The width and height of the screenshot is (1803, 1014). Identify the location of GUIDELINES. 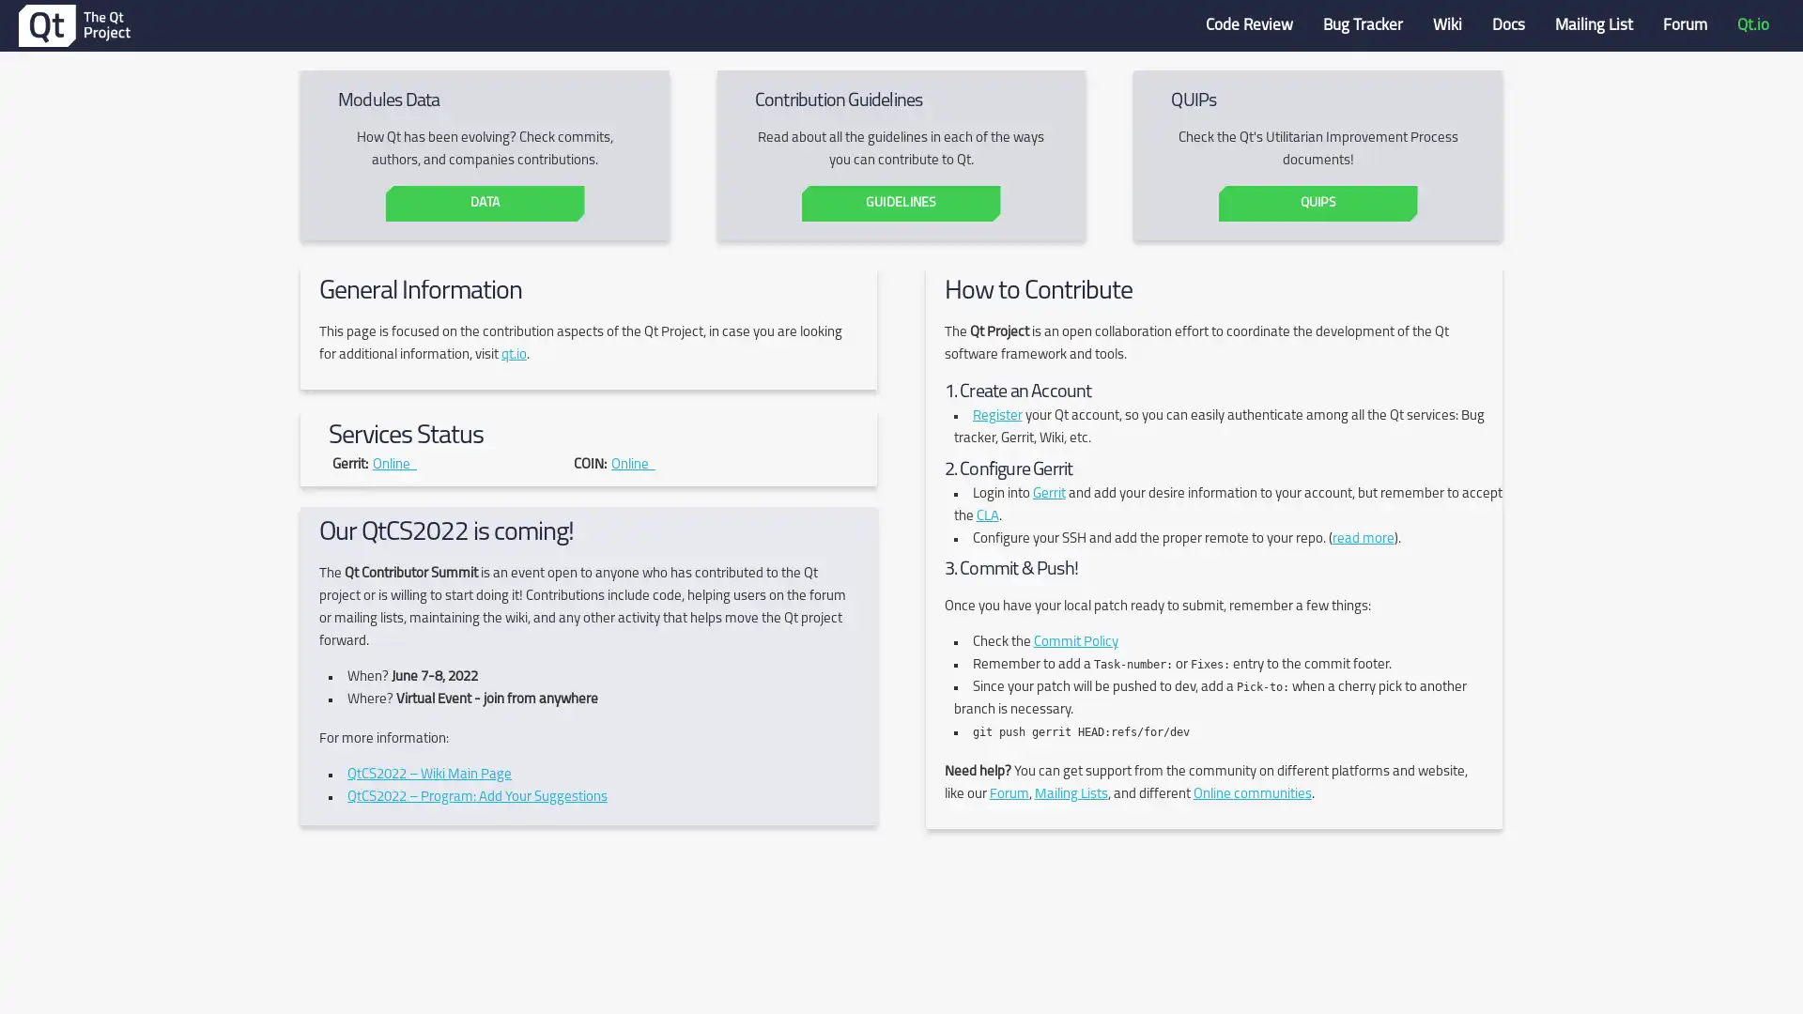
(900, 203).